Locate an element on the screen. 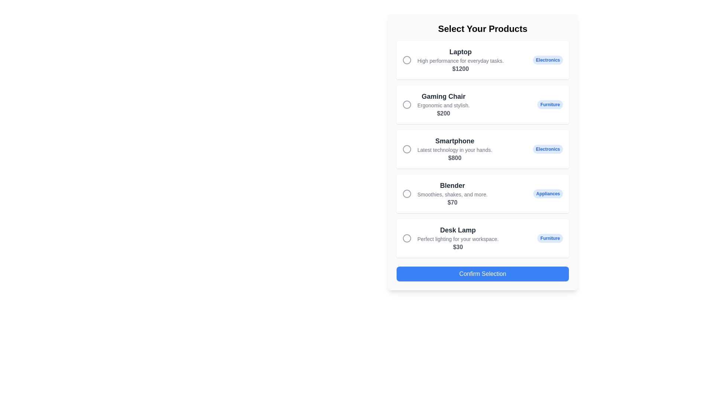  'Electronics' category label located at the topmost product listing card on the right-hand side, aligned with the price text '$1200' is located at coordinates (548, 60).